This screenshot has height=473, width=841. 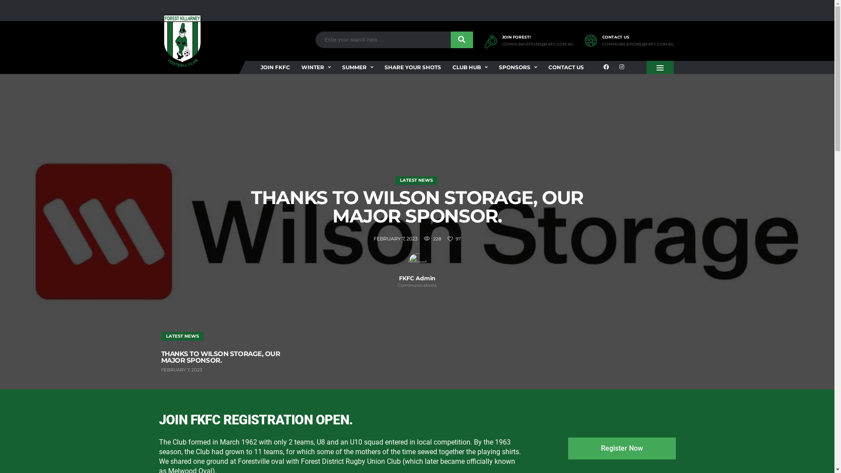 What do you see at coordinates (537, 44) in the screenshot?
I see `'COMMUNICATIONS@FKFC.COM.AU'` at bounding box center [537, 44].